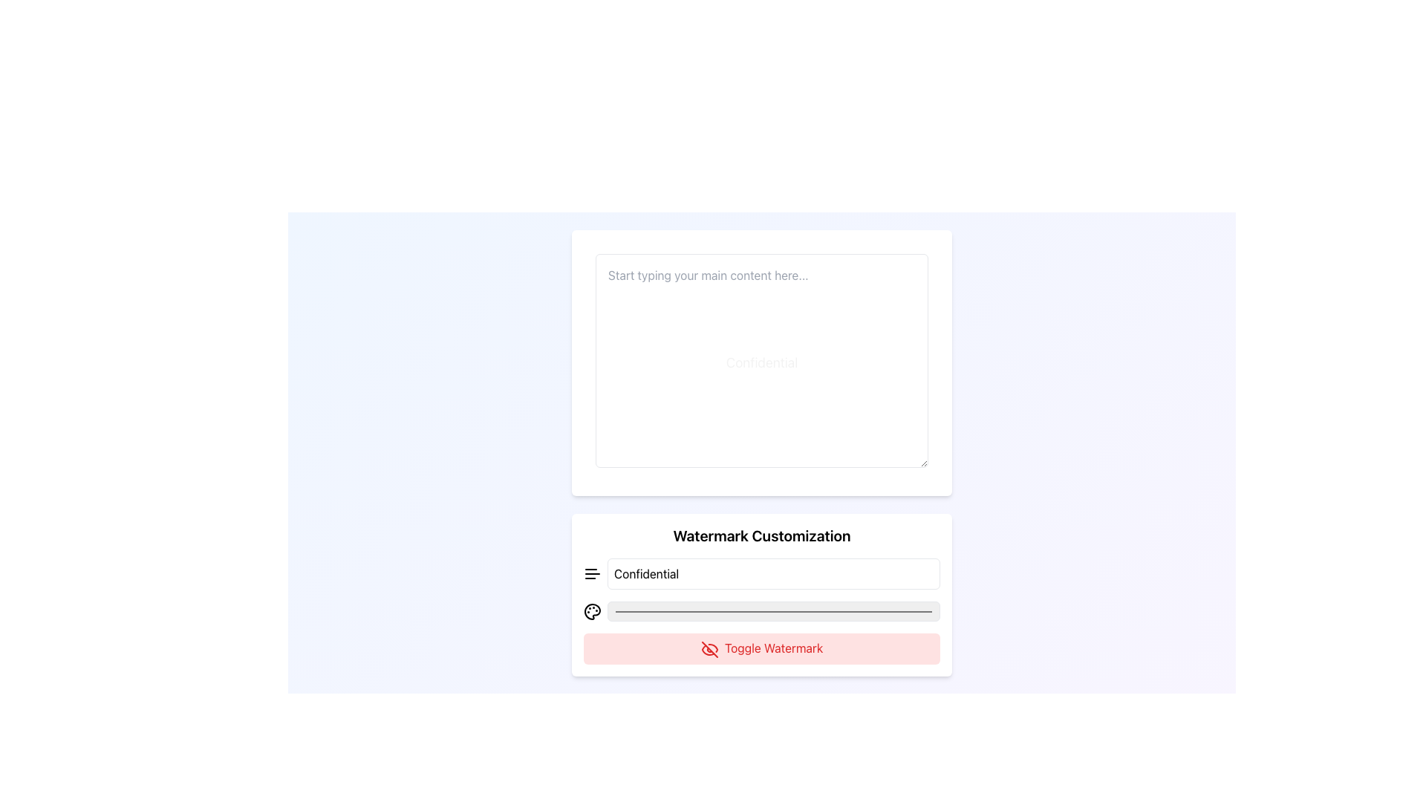  Describe the element at coordinates (847, 611) in the screenshot. I see `the color slider` at that location.